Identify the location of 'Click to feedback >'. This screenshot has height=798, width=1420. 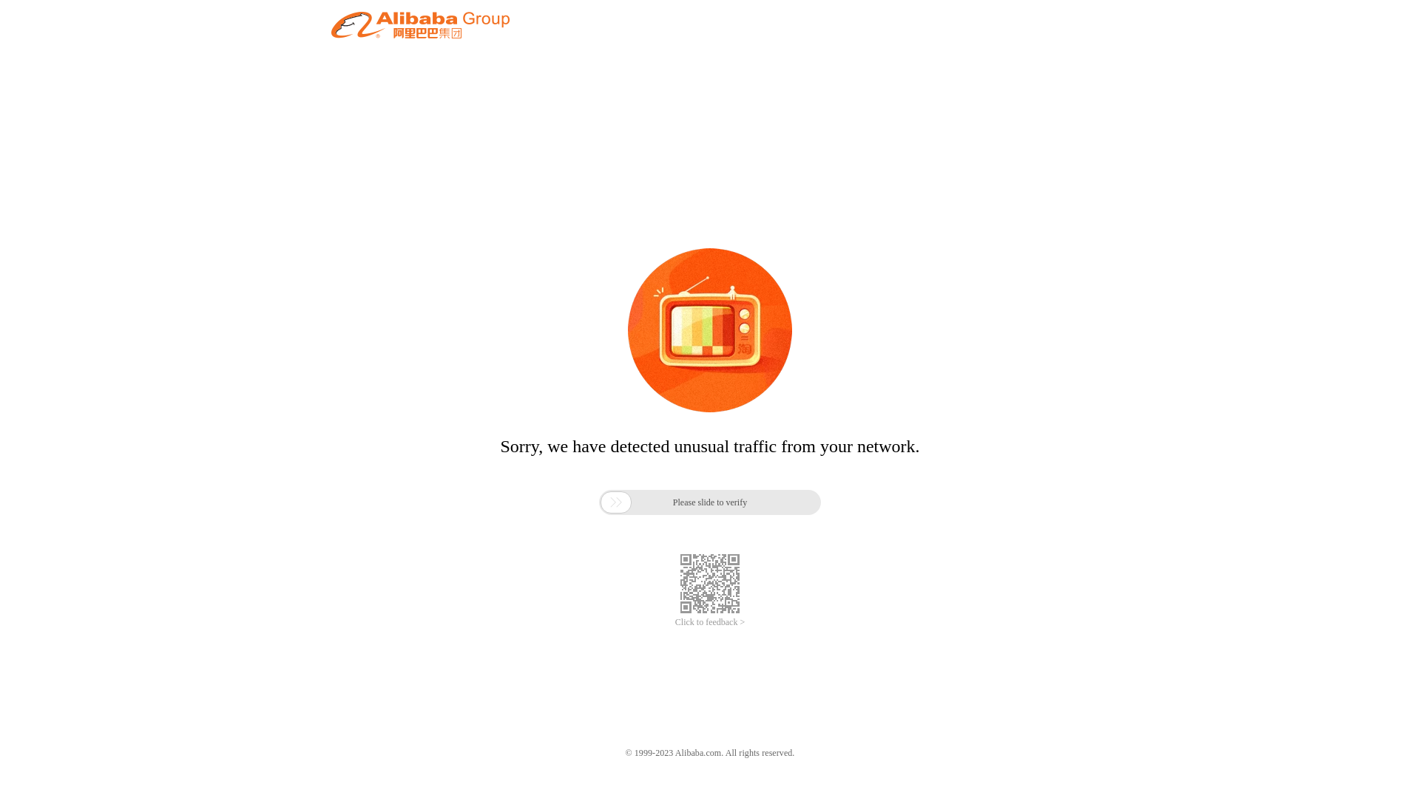
(710, 622).